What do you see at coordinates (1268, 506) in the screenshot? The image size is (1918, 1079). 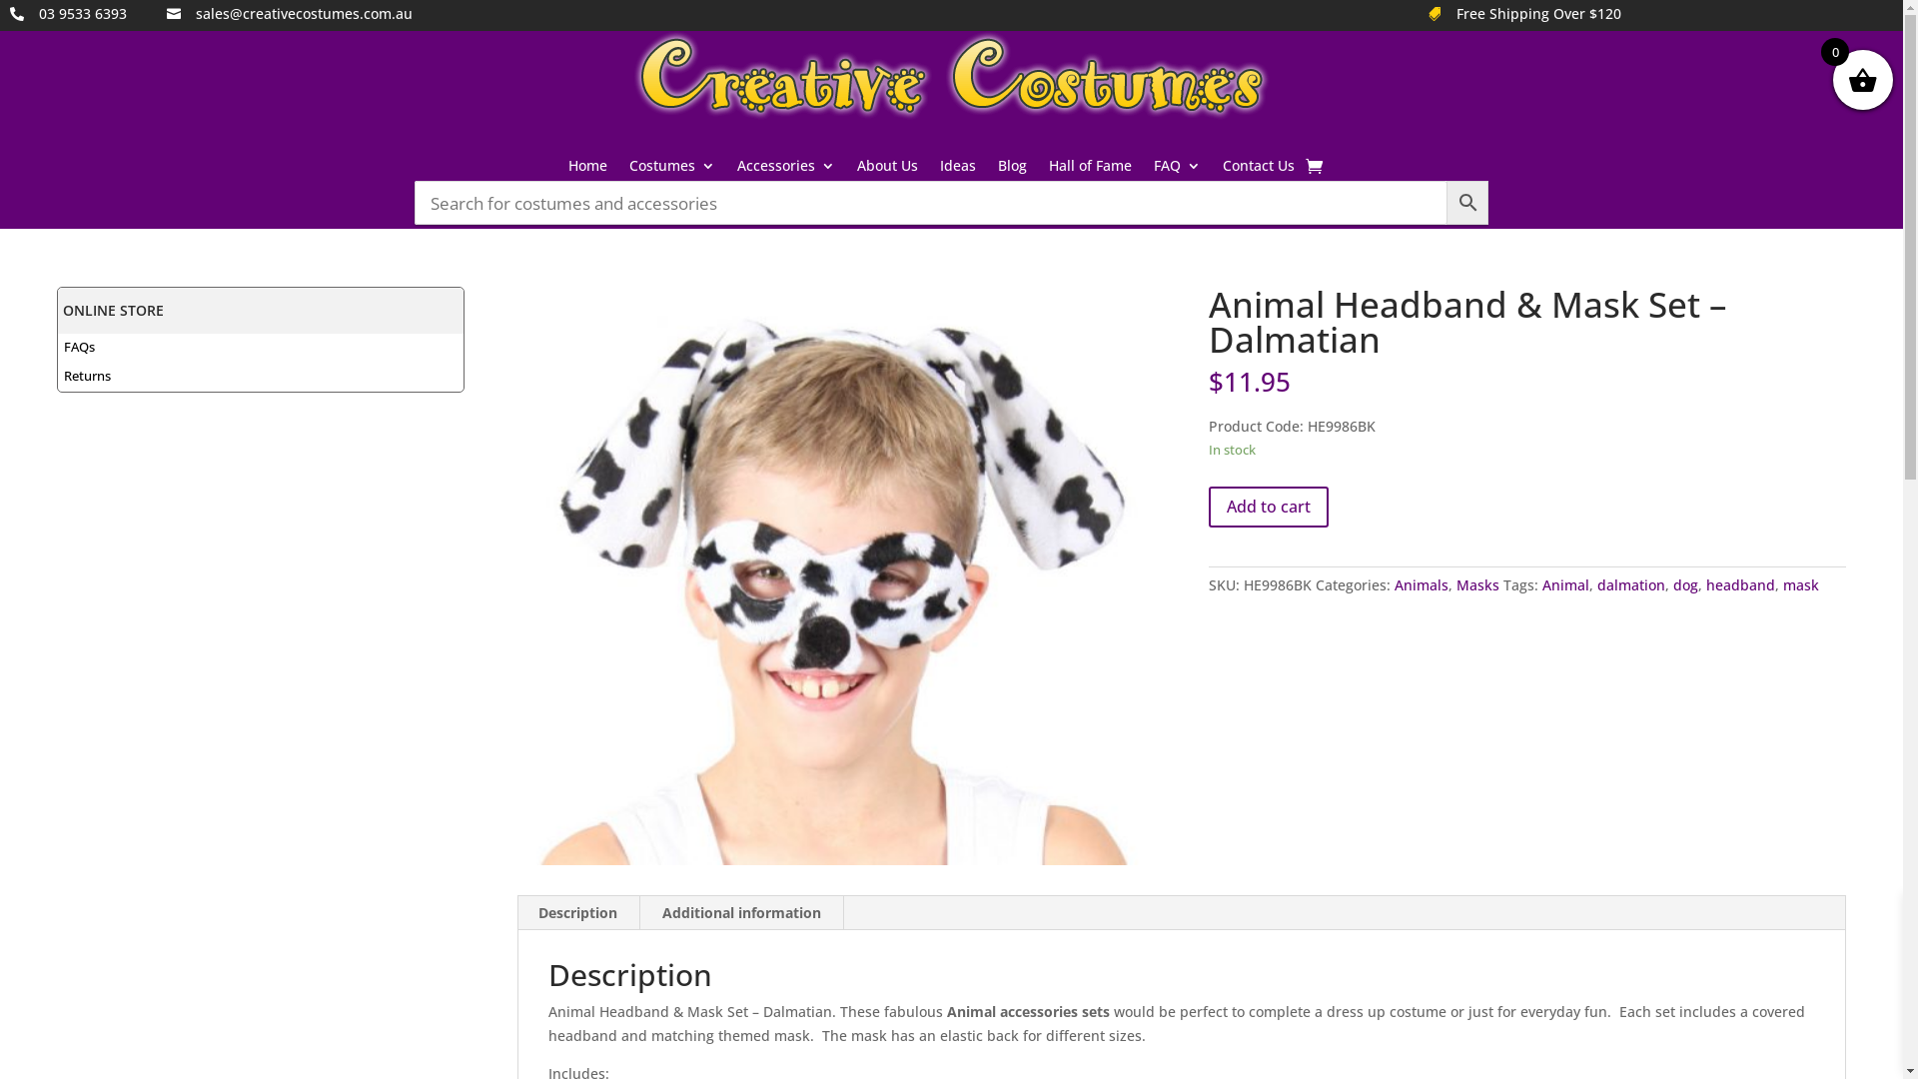 I see `'Add to cart'` at bounding box center [1268, 506].